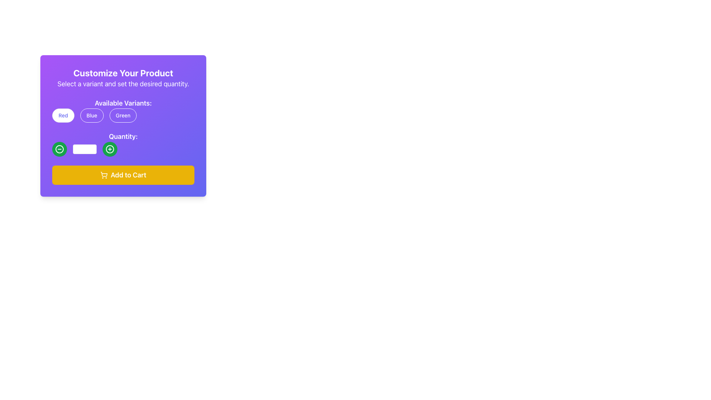 Image resolution: width=711 pixels, height=400 pixels. Describe the element at coordinates (110, 149) in the screenshot. I see `the SVG-based circular icon button with a green background and a white cross symbol` at that location.